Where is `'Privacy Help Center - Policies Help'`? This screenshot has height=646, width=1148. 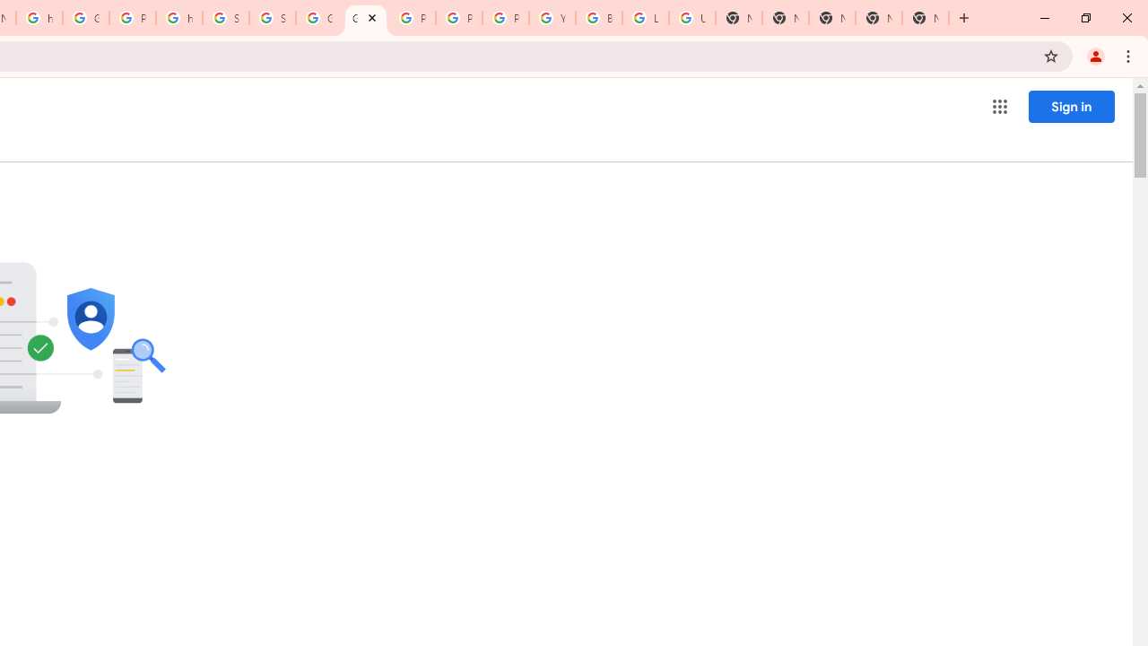
'Privacy Help Center - Policies Help' is located at coordinates (412, 18).